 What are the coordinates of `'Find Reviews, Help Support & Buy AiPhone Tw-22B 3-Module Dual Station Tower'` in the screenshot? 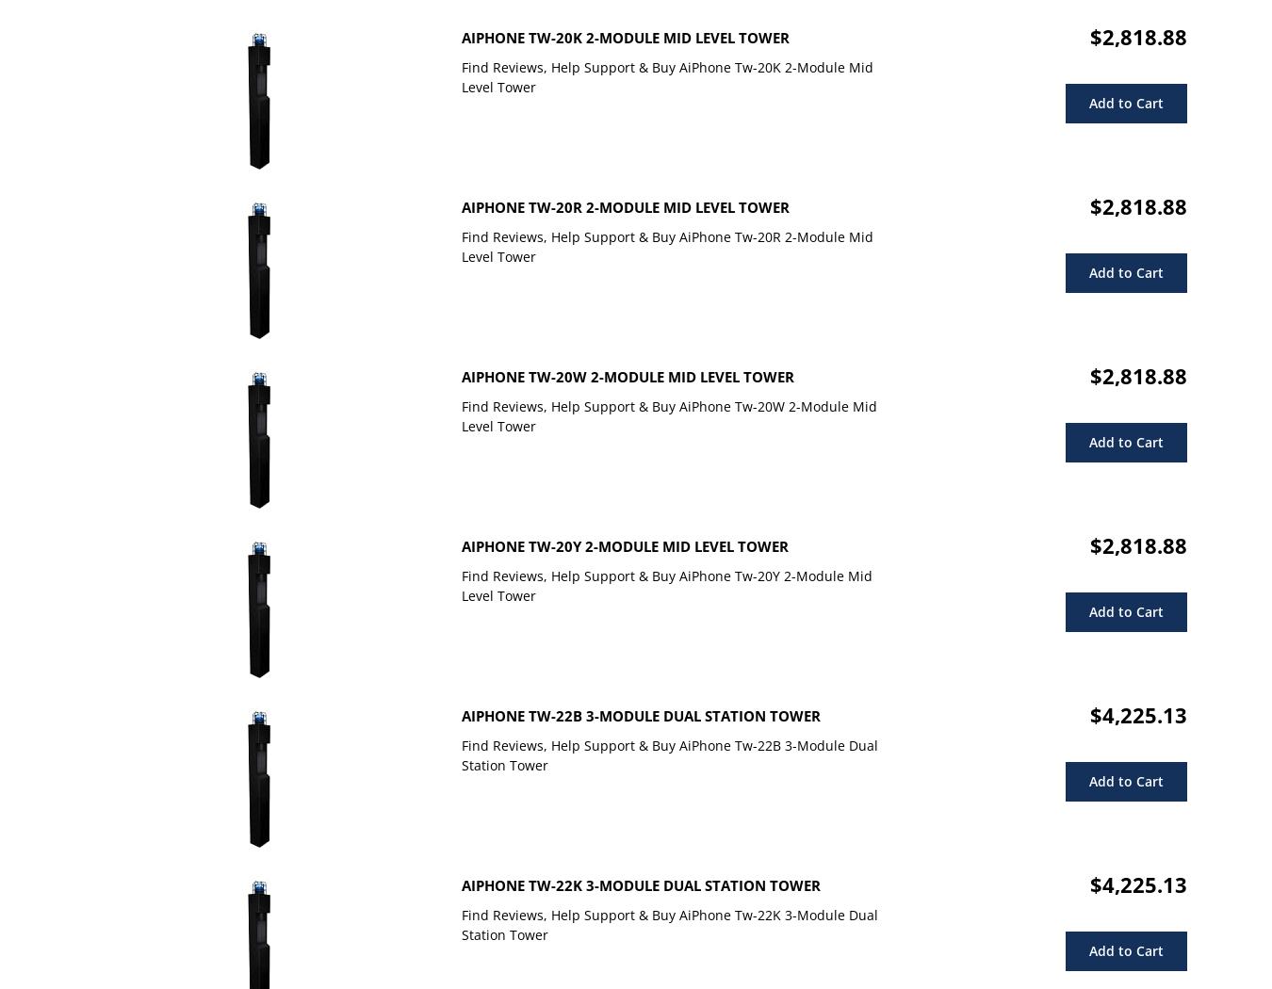 It's located at (669, 754).